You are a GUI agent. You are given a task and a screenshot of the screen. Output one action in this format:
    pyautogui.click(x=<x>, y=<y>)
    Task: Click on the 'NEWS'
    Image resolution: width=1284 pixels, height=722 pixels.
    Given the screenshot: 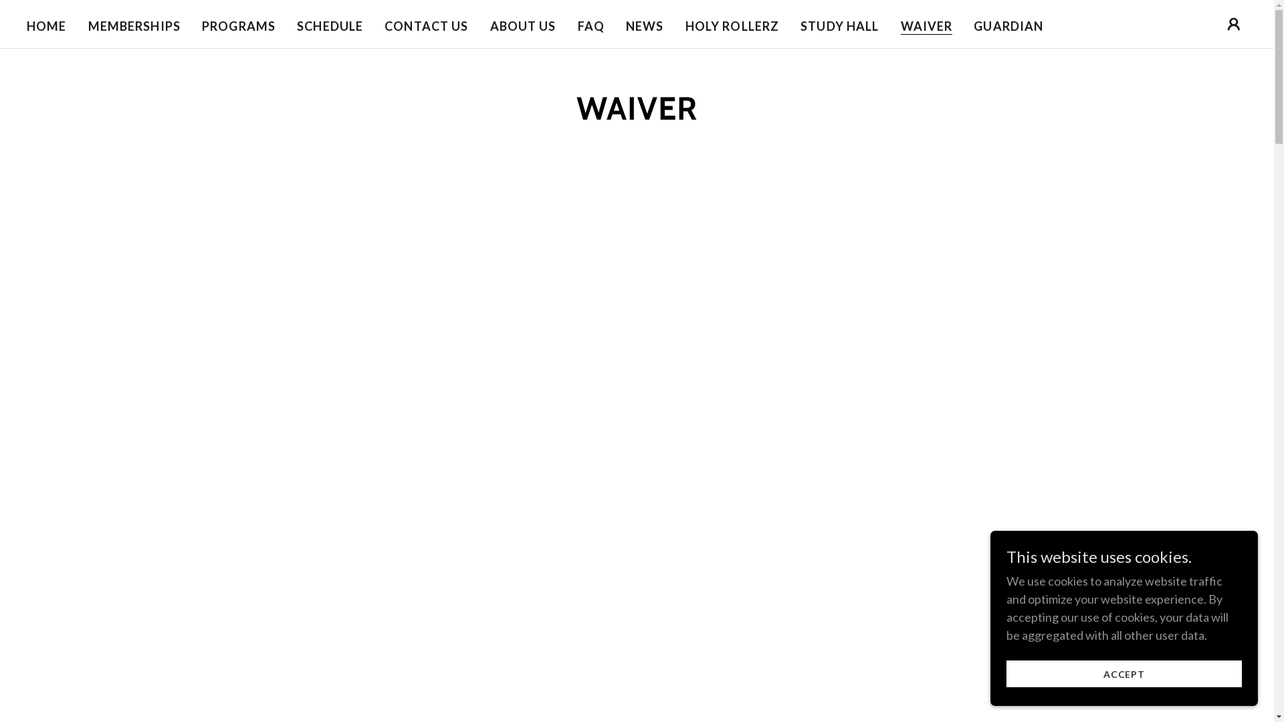 What is the action you would take?
    pyautogui.click(x=621, y=25)
    